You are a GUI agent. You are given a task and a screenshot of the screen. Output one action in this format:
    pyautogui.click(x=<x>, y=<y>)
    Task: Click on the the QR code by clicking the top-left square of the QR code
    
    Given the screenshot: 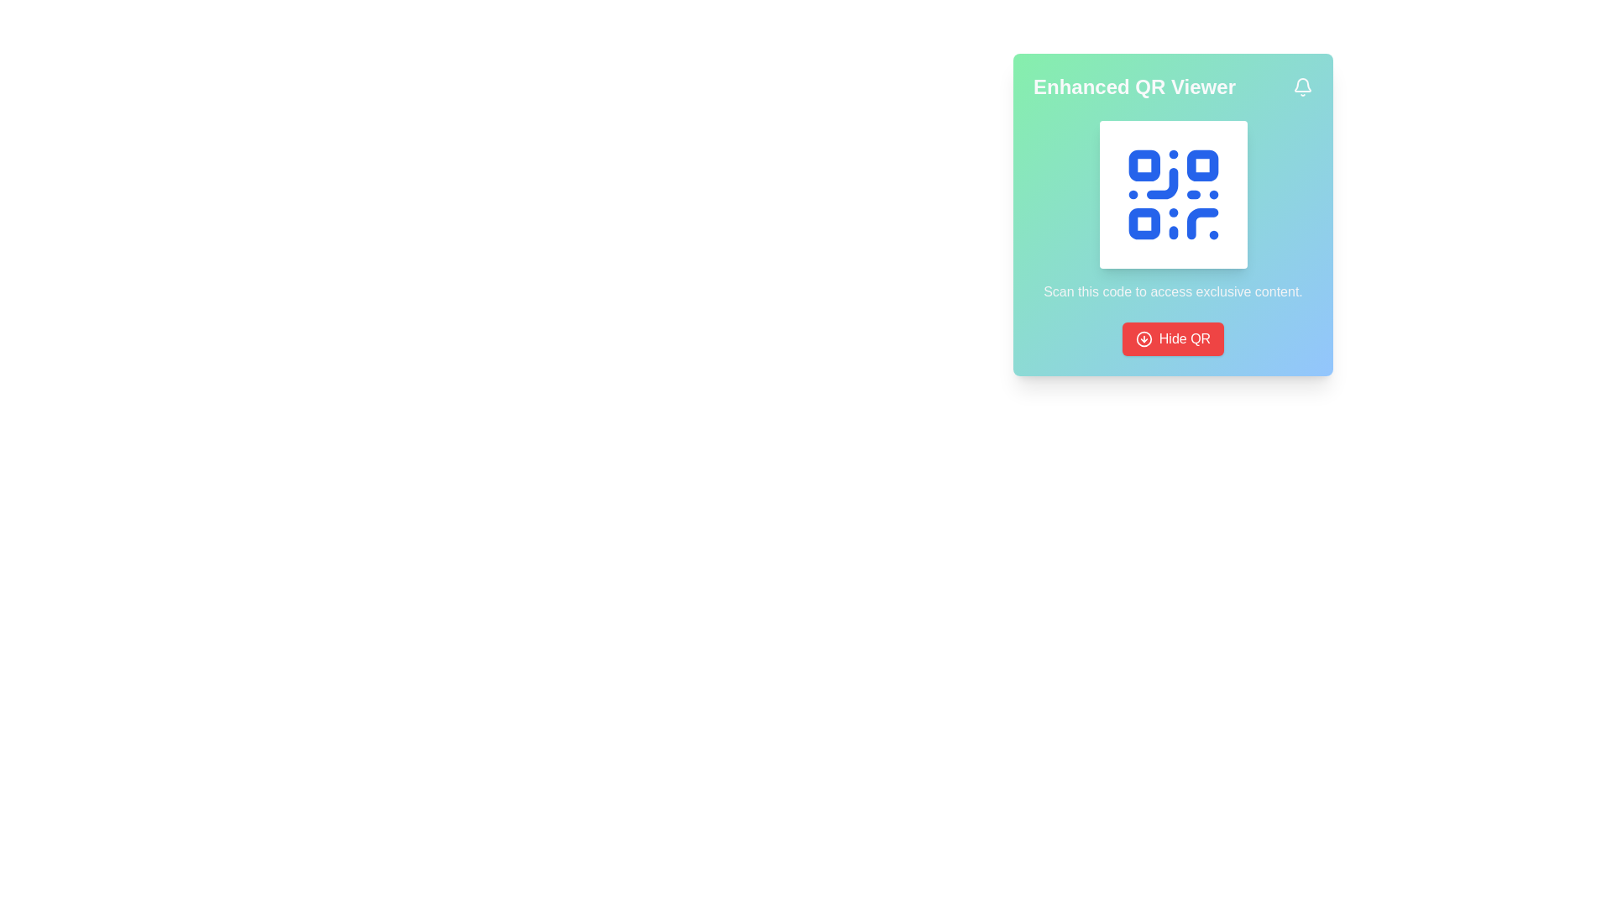 What is the action you would take?
    pyautogui.click(x=1143, y=165)
    